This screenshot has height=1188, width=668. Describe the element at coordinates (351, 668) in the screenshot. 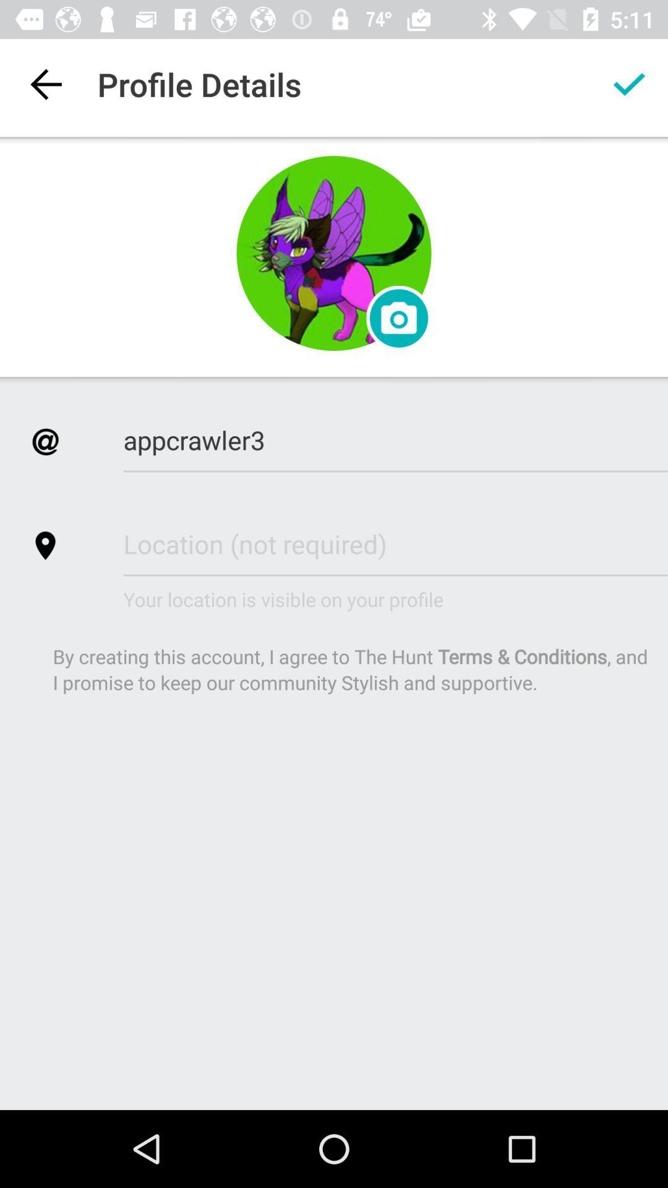

I see `by creating this icon` at that location.